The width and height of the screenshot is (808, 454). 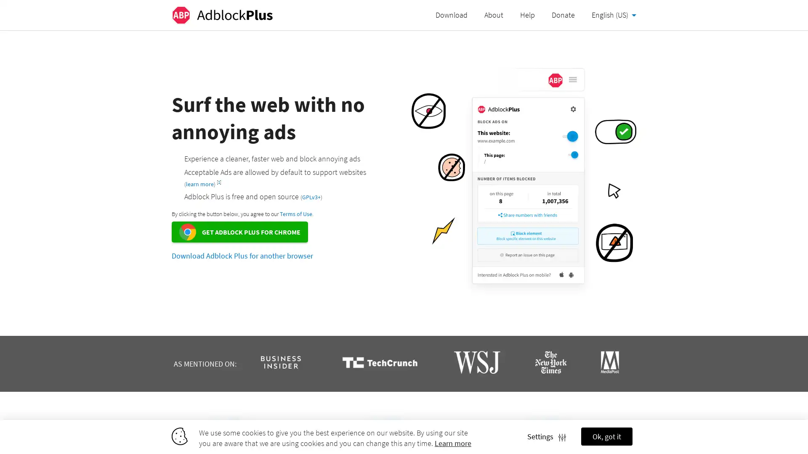 I want to click on Ok, got it, so click(x=606, y=436).